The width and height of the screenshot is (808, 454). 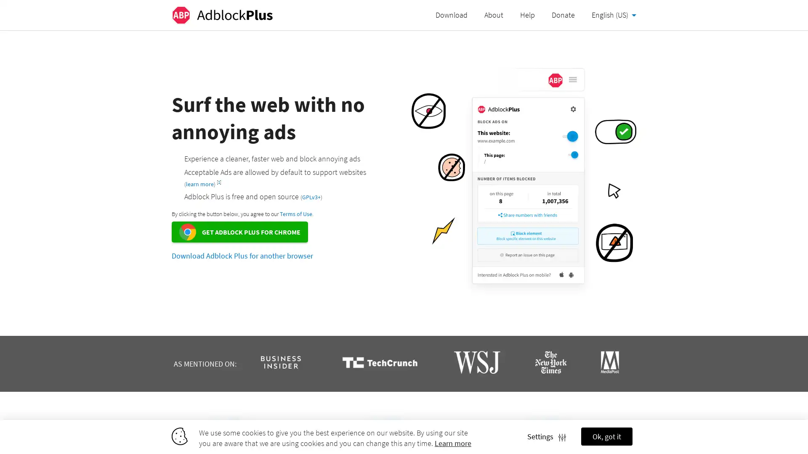 I want to click on Ok, got it, so click(x=606, y=436).